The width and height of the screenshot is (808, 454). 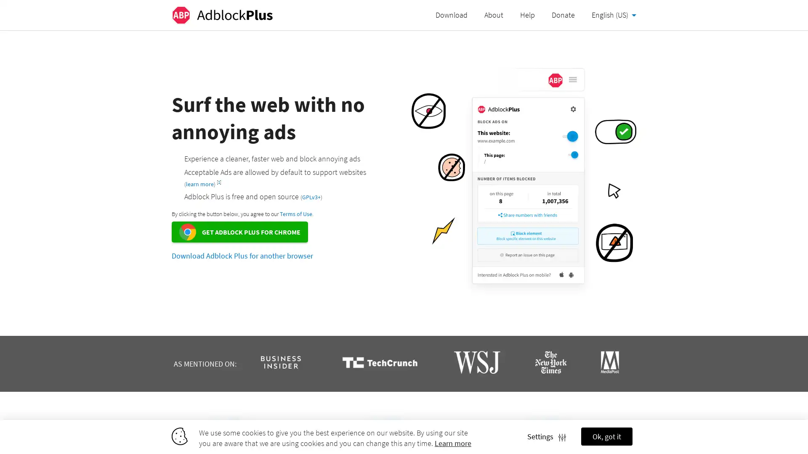 I want to click on Ok, got it, so click(x=606, y=436).